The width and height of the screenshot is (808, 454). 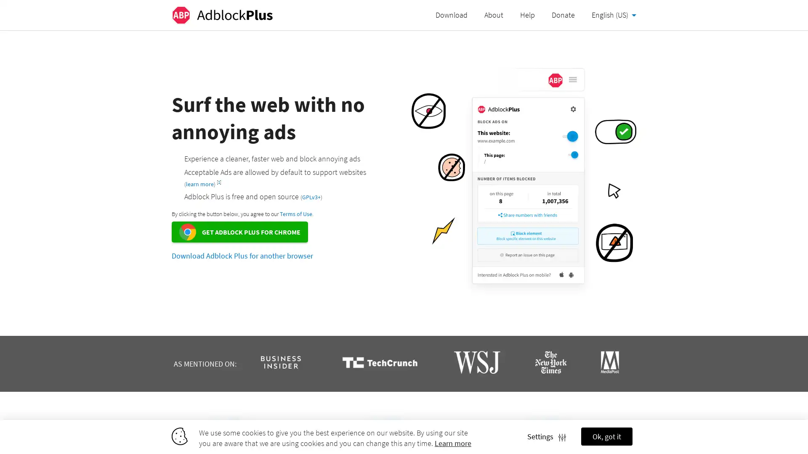 I want to click on Ok, got it, so click(x=606, y=436).